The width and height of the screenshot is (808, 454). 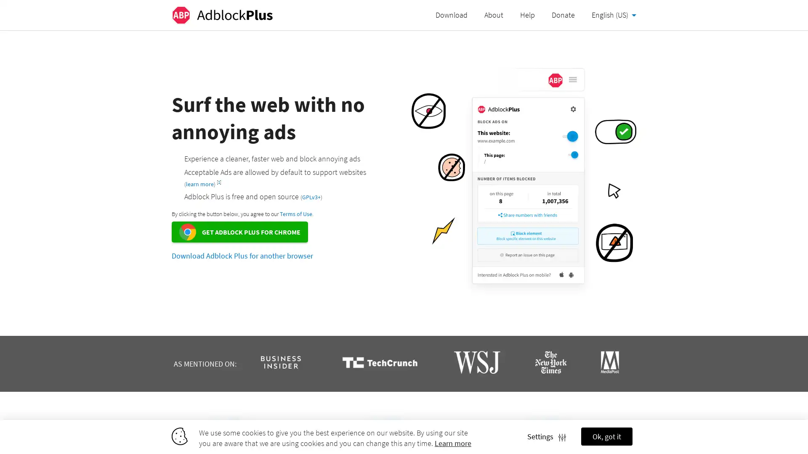 I want to click on Ok, got it, so click(x=606, y=436).